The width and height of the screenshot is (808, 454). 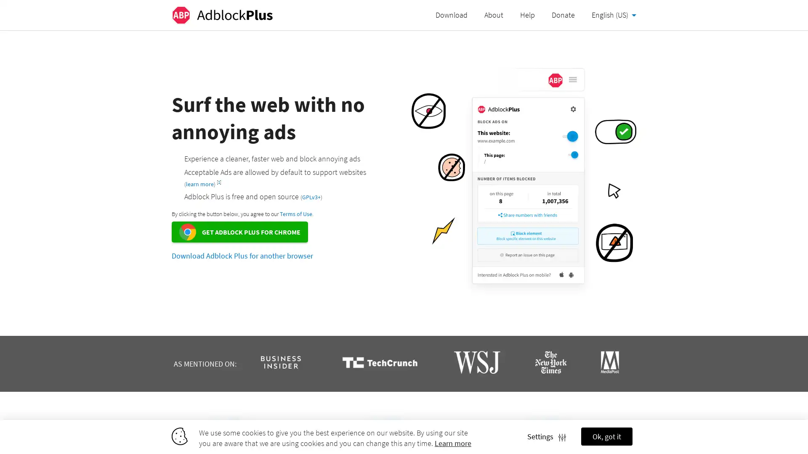 I want to click on Ok, got it, so click(x=606, y=436).